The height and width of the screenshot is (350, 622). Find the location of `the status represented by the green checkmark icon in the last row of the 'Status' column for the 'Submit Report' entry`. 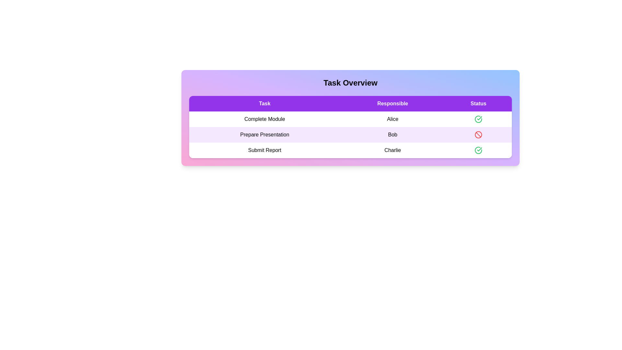

the status represented by the green checkmark icon in the last row of the 'Status' column for the 'Submit Report' entry is located at coordinates (478, 150).